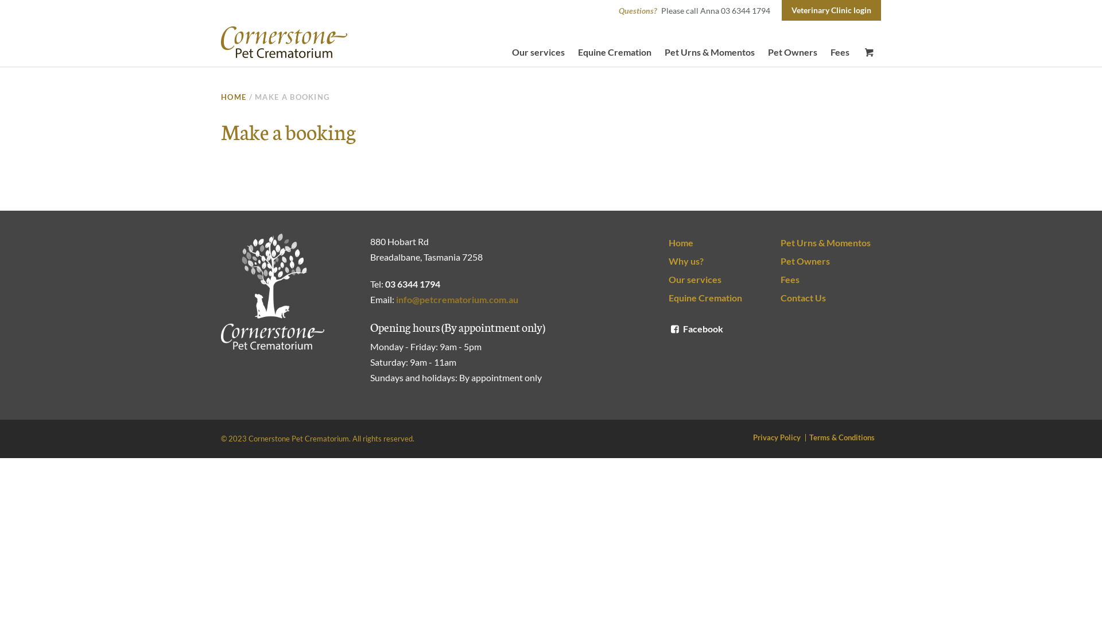  I want to click on 'Facebook', so click(669, 328).